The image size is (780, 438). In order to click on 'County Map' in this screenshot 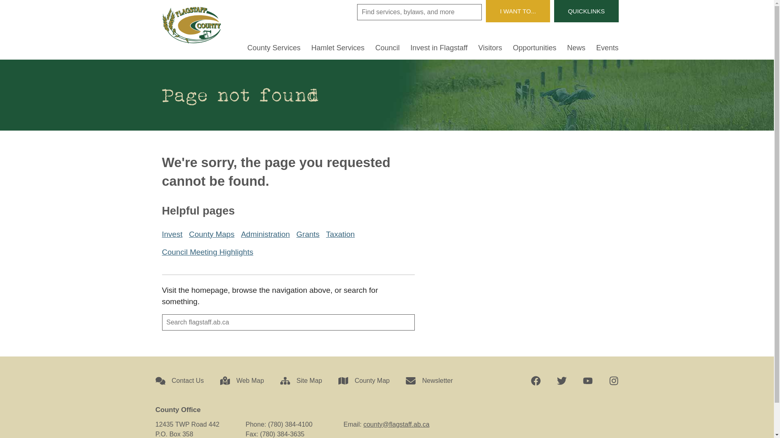, I will do `click(338, 380)`.